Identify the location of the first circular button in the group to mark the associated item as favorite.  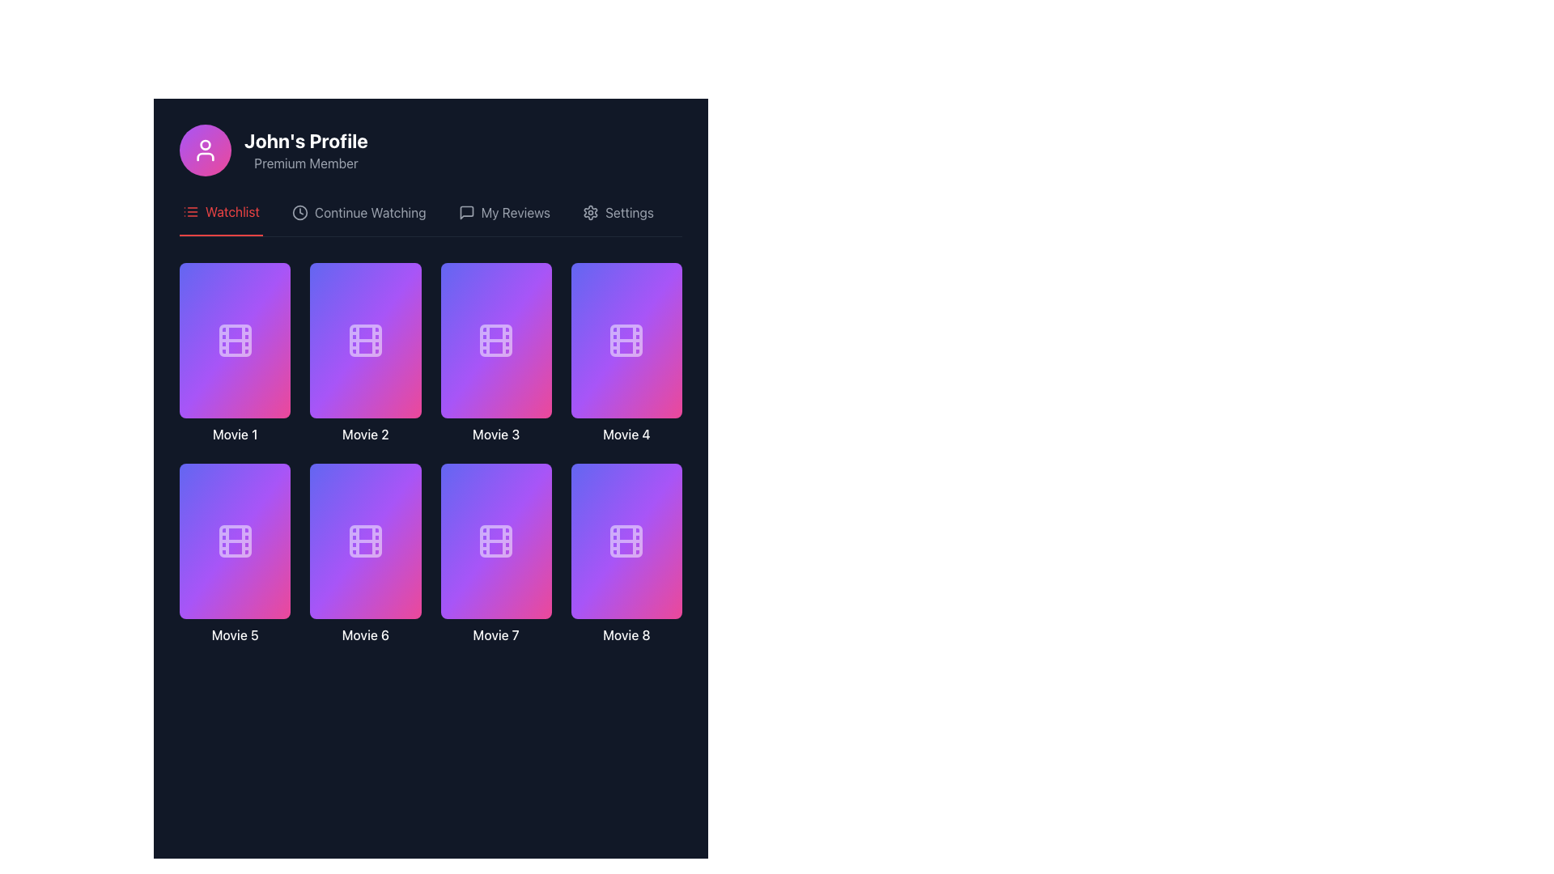
(346, 579).